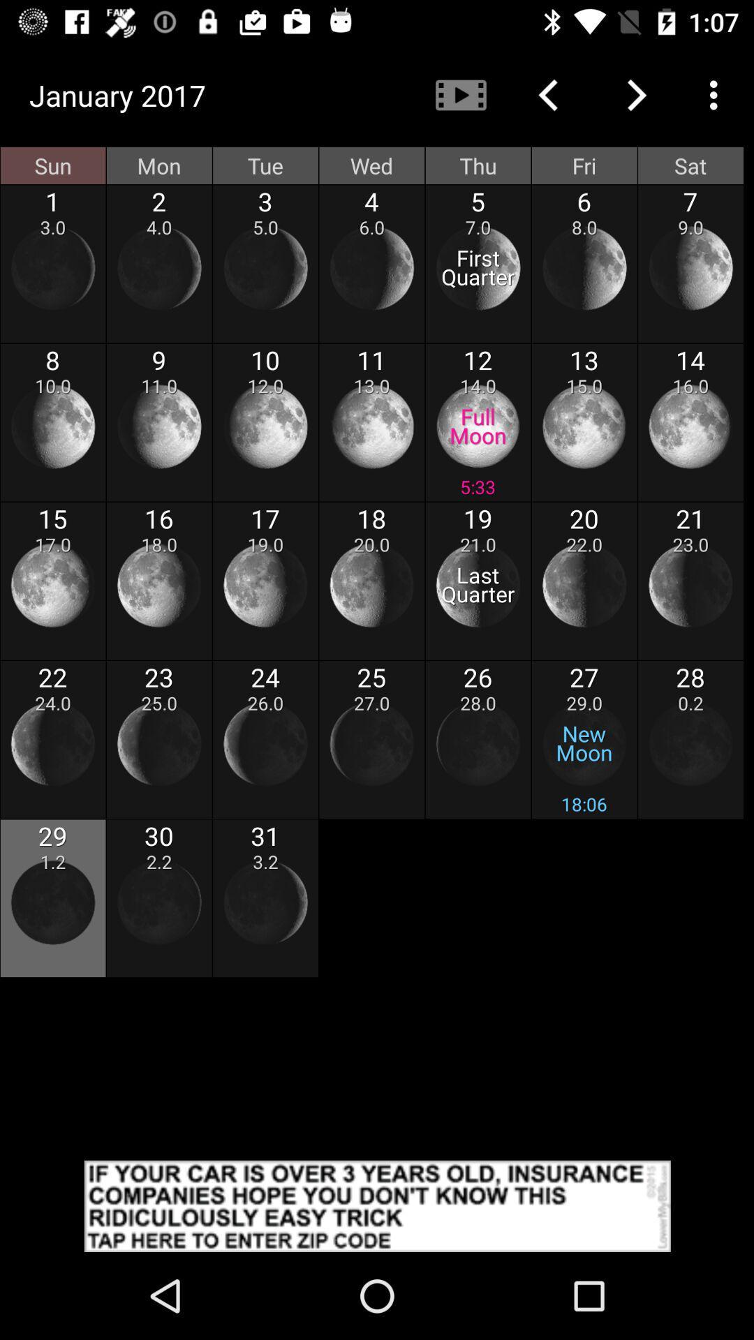 The width and height of the screenshot is (754, 1340). Describe the element at coordinates (377, 1205) in the screenshot. I see `banner` at that location.